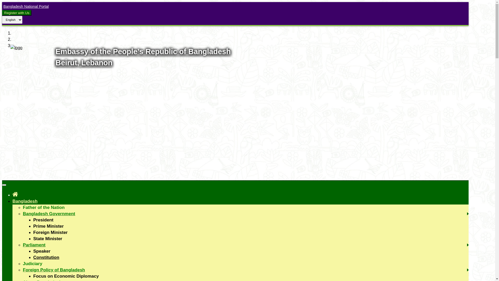 This screenshot has height=281, width=499. Describe the element at coordinates (33, 232) in the screenshot. I see `'Foreign Minister'` at that location.